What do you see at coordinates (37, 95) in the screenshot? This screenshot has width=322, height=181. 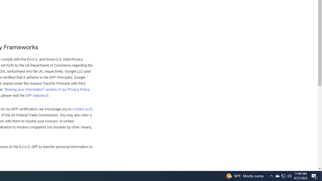 I see `'DPF website'` at bounding box center [37, 95].